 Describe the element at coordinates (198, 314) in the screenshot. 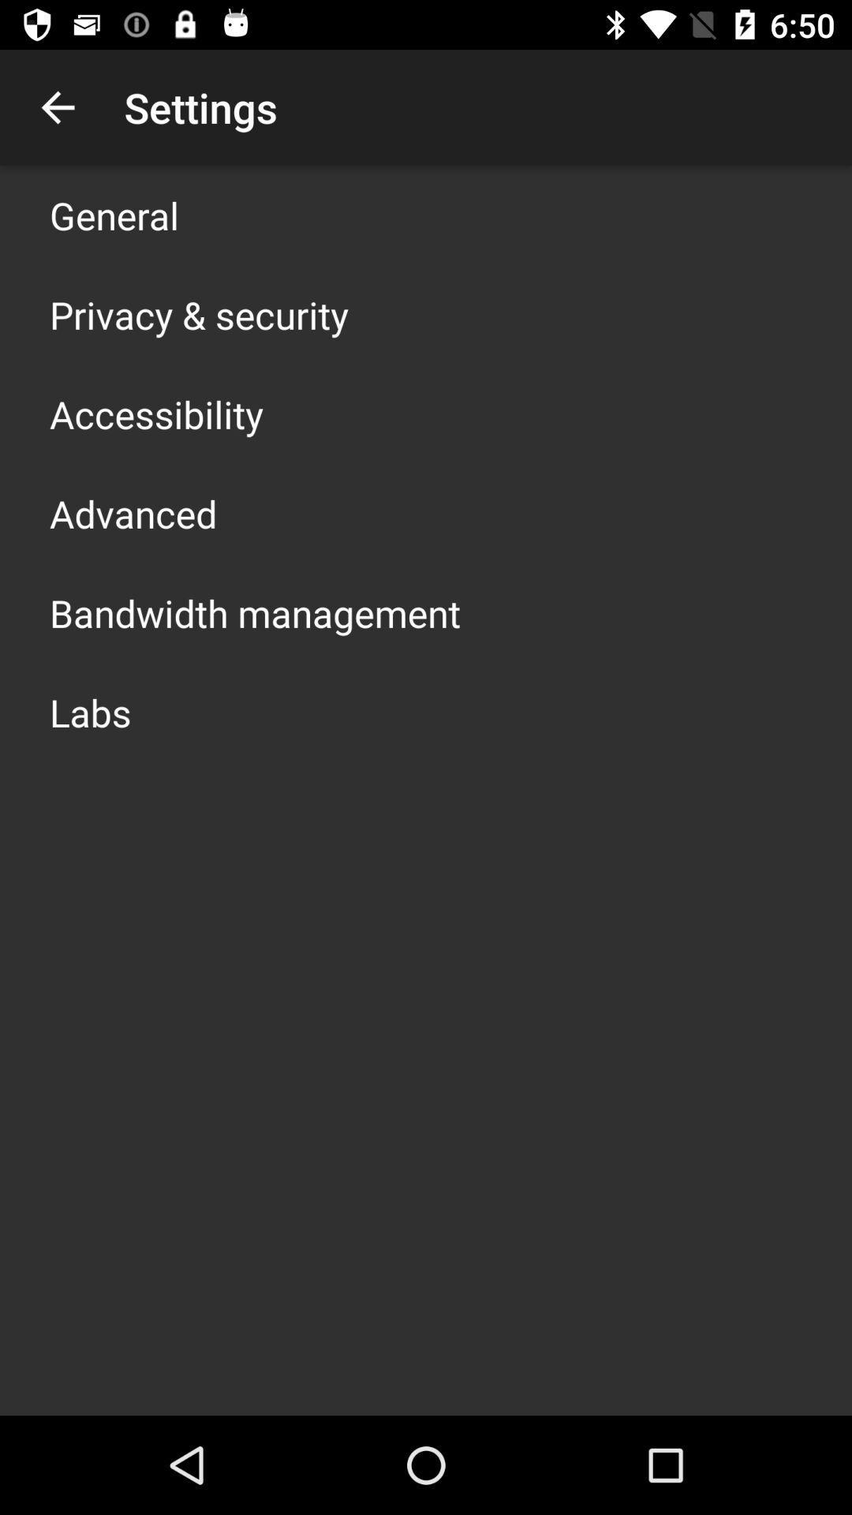

I see `app above accessibility icon` at that location.